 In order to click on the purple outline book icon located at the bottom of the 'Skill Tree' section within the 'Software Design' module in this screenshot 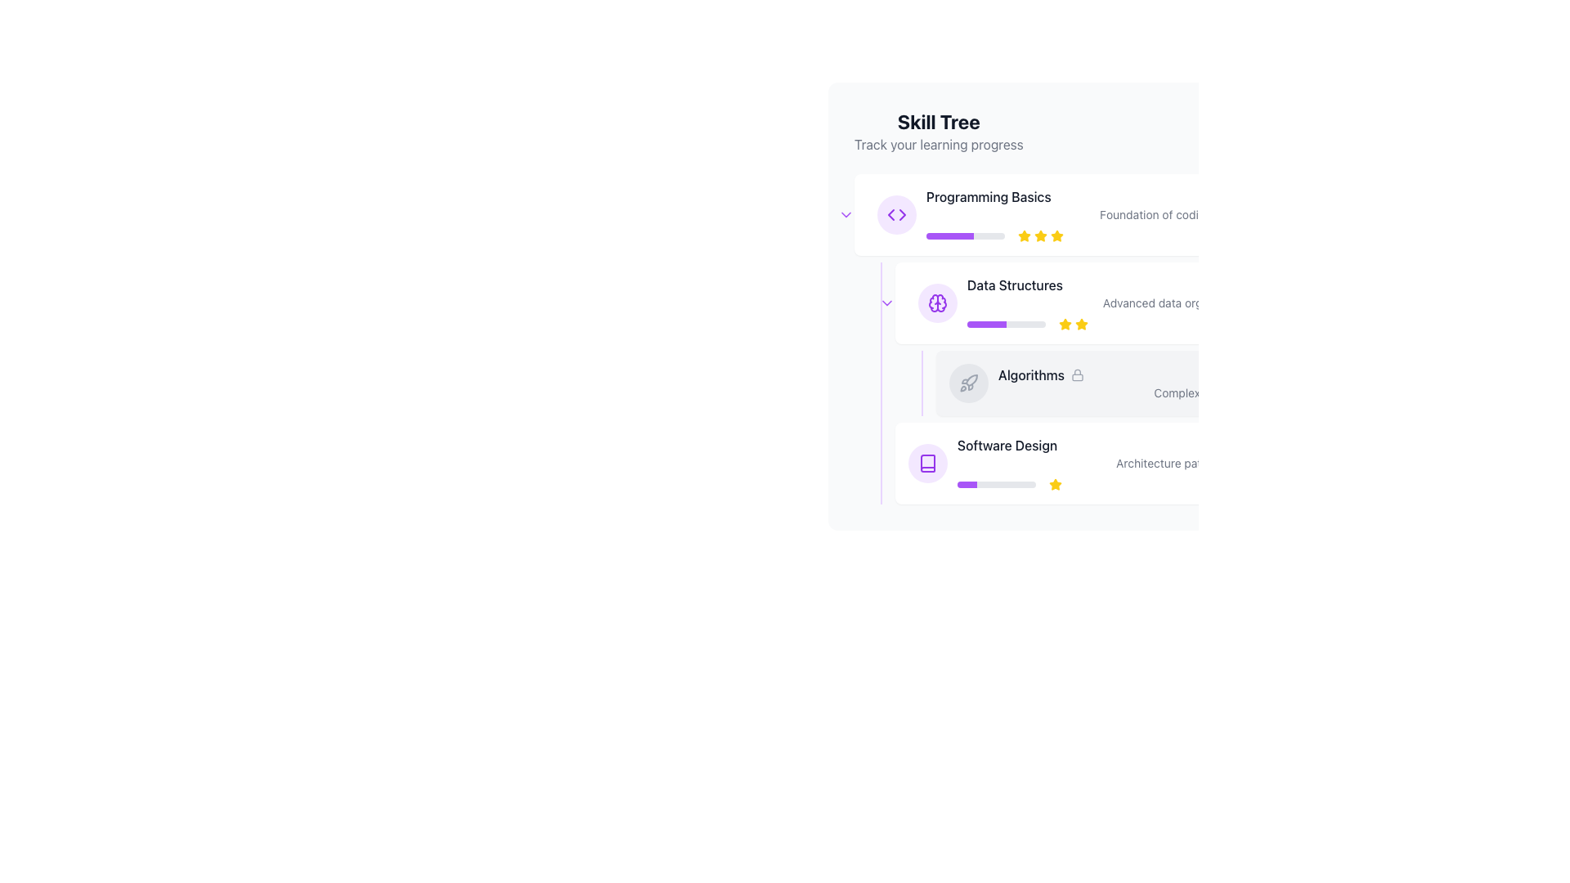, I will do `click(927, 464)`.